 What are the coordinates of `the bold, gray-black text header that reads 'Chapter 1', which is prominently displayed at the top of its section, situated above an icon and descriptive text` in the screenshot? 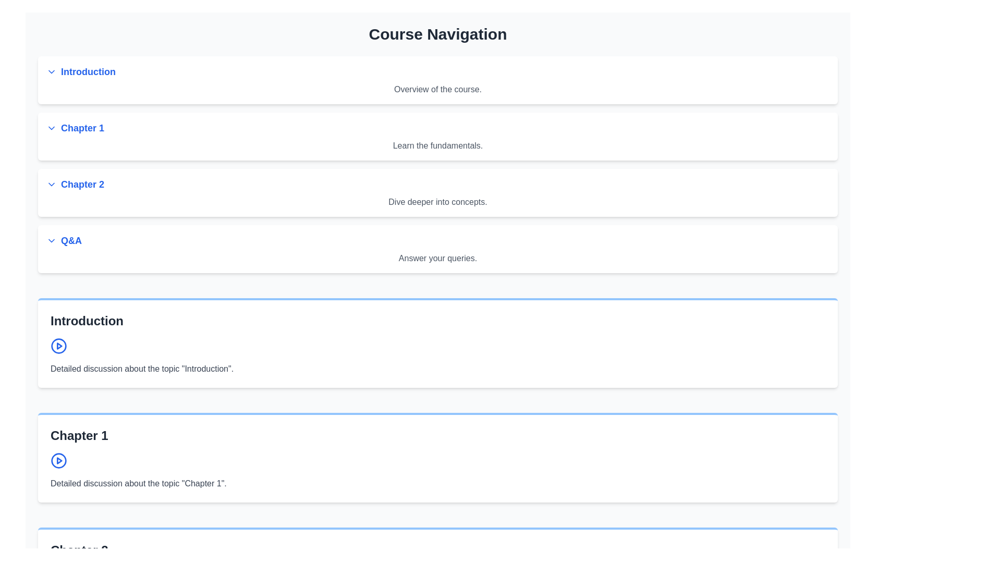 It's located at (79, 436).